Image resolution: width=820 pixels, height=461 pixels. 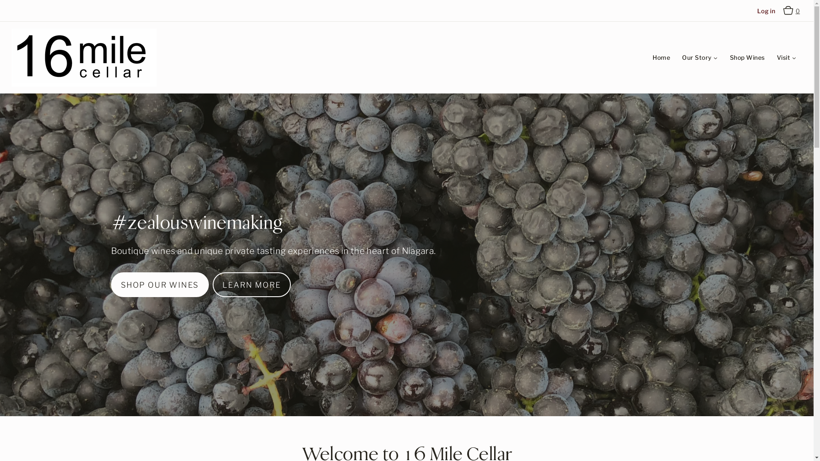 What do you see at coordinates (786, 58) in the screenshot?
I see `'Visit'` at bounding box center [786, 58].